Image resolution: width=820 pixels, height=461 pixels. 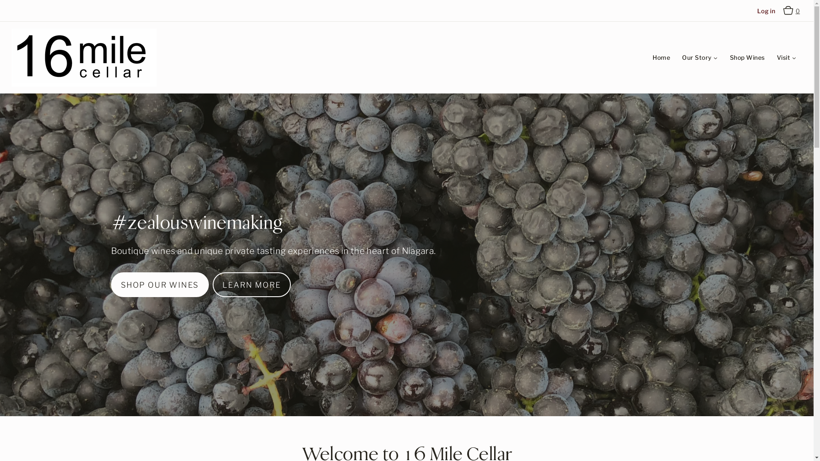 What do you see at coordinates (786, 58) in the screenshot?
I see `'Visit'` at bounding box center [786, 58].